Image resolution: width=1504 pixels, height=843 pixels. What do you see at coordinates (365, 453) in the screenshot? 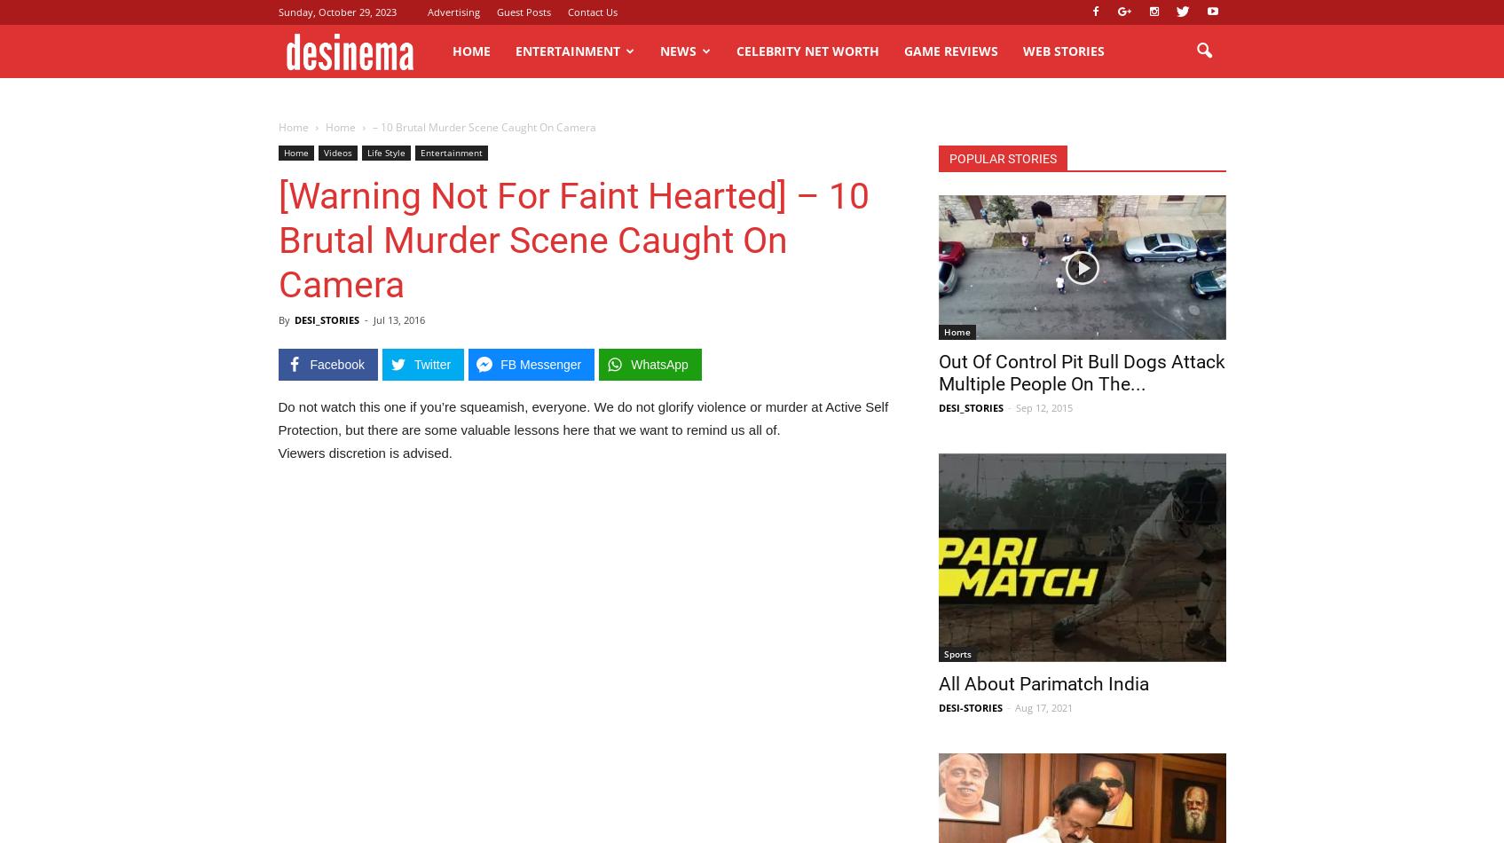
I see `'Viewers discretion is advised.'` at bounding box center [365, 453].